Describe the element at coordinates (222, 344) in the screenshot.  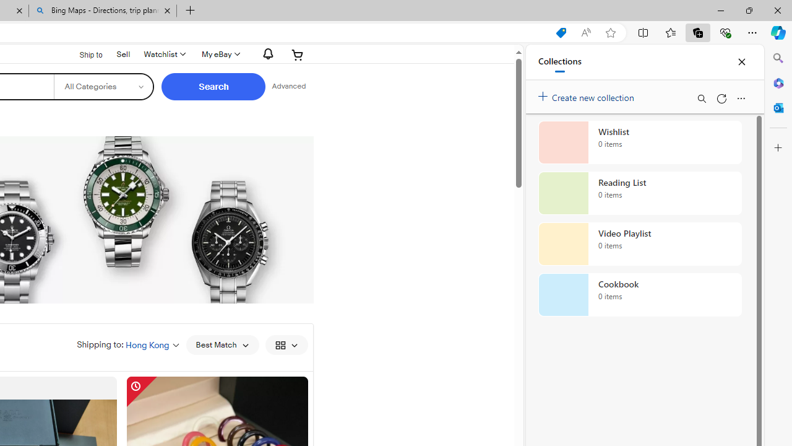
I see `'Sort: Best Match'` at that location.